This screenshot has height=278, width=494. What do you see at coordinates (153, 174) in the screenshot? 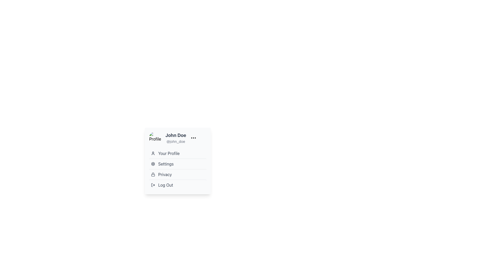
I see `the small lock icon representing the privacy feature in the vertical menu, located to the left of the 'Privacy' text label` at bounding box center [153, 174].